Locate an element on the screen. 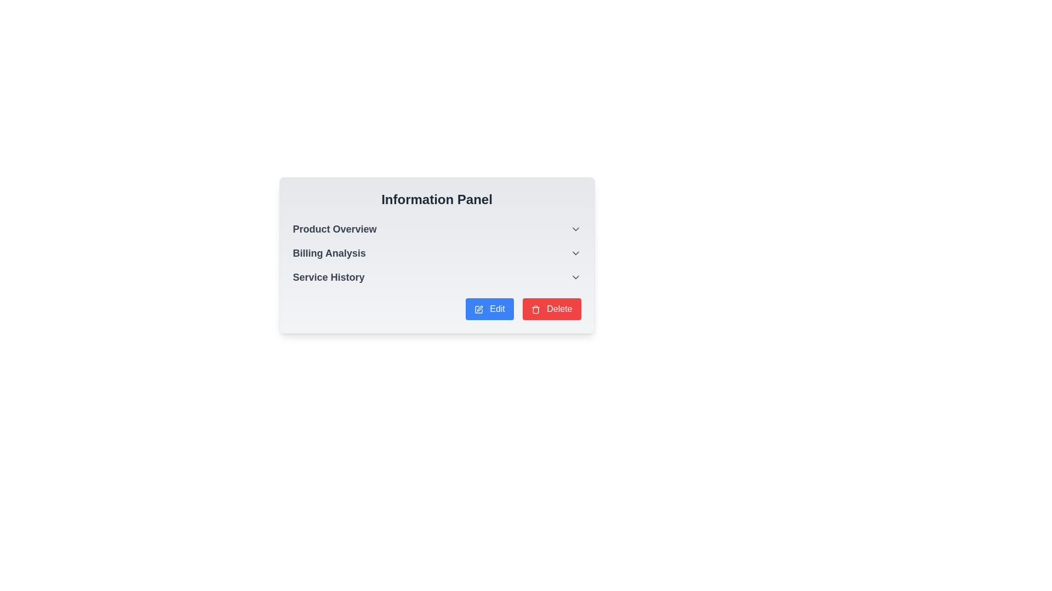 The image size is (1052, 591). the text label reading 'Product Overview', which is styled in a large, bold, dark gray font and located at the top left of the 'Information Panel' is located at coordinates (334, 229).